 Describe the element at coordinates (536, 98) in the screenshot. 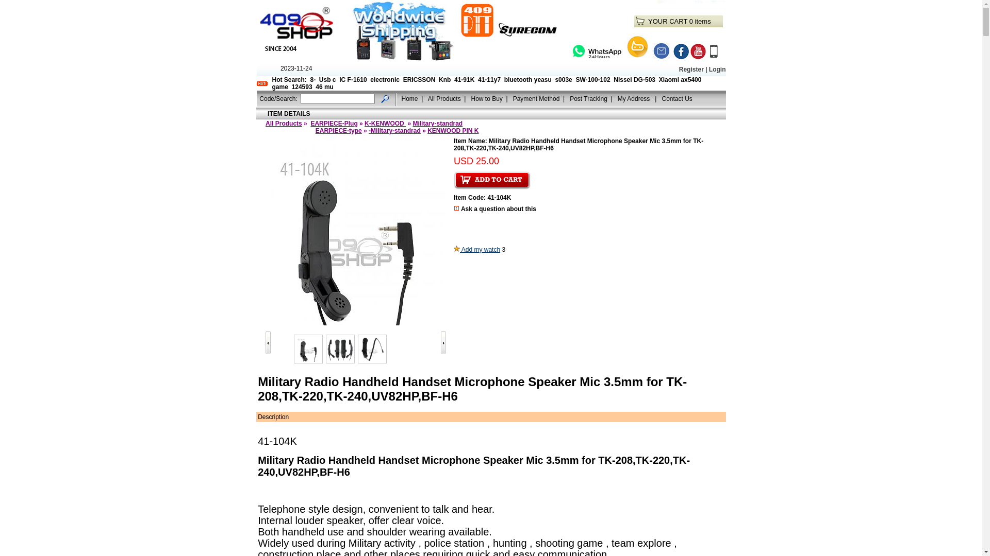

I see `'Payment Method'` at that location.